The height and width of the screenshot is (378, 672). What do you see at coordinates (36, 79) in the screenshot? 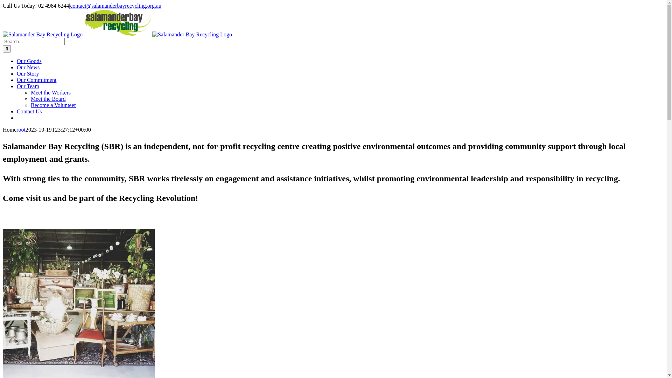
I see `'Our Commitment'` at bounding box center [36, 79].